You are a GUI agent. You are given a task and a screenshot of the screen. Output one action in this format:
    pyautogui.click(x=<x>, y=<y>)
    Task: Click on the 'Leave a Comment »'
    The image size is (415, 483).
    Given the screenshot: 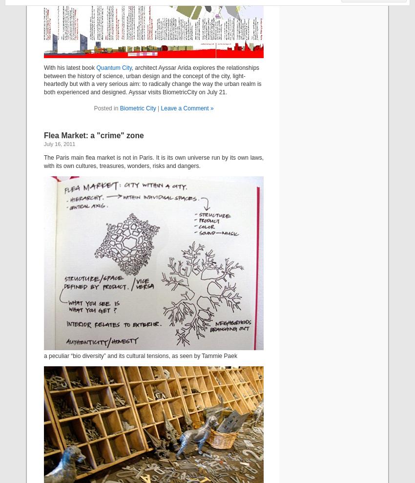 What is the action you would take?
    pyautogui.click(x=187, y=107)
    